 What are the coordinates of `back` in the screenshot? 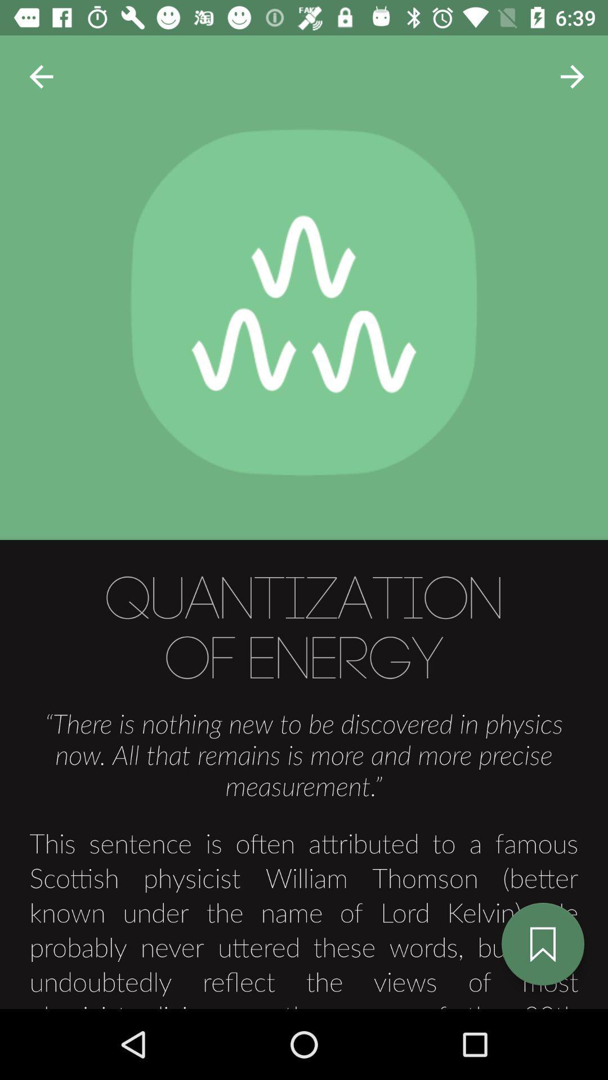 It's located at (41, 76).